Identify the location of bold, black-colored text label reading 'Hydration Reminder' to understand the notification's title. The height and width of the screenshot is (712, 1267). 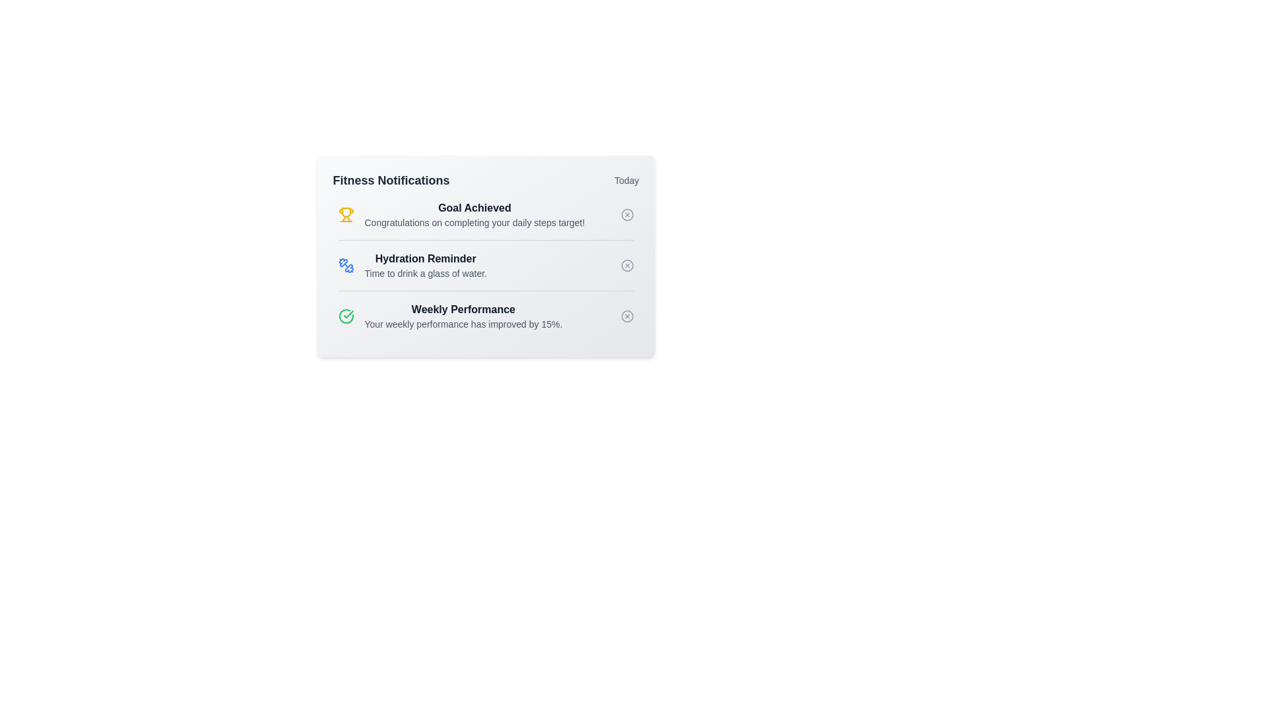
(426, 259).